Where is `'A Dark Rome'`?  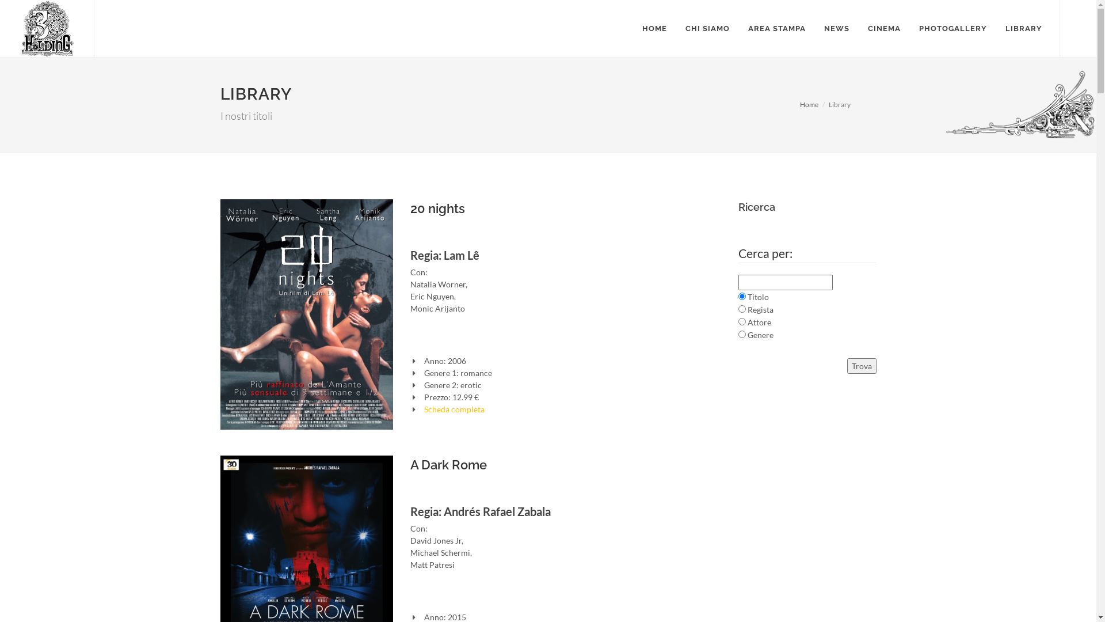
'A Dark Rome' is located at coordinates (447, 464).